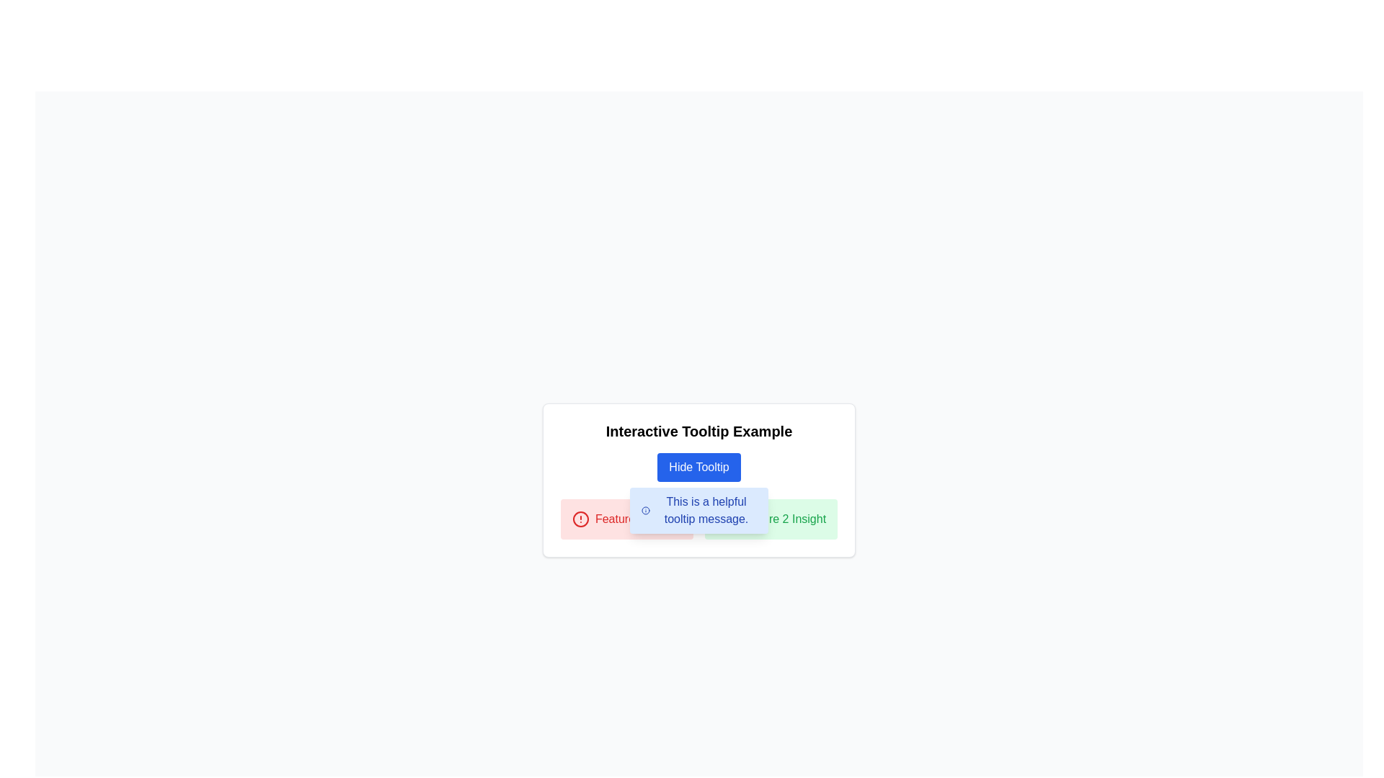 The height and width of the screenshot is (778, 1384). What do you see at coordinates (645, 510) in the screenshot?
I see `the visual indicator icon located to the left of the tooltip message ('This is a helpful tooltip message.') for additional information` at bounding box center [645, 510].